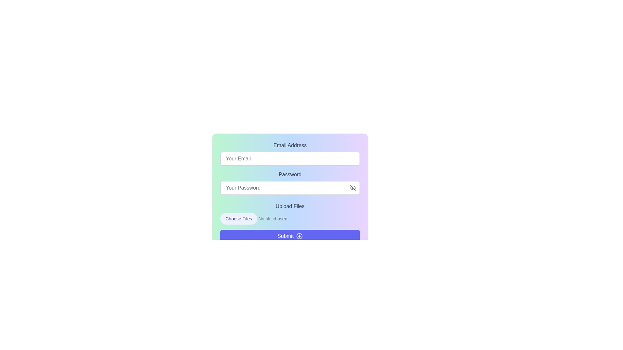 The image size is (623, 350). Describe the element at coordinates (353, 188) in the screenshot. I see `the eye-off icon button located at the right edge of the password input field` at that location.